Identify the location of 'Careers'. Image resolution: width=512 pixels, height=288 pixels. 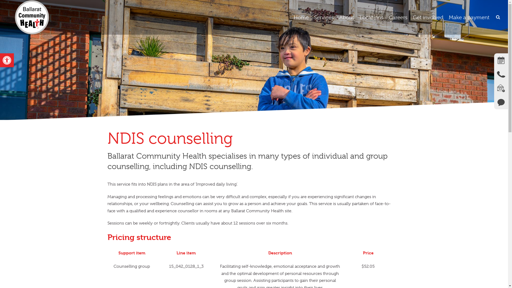
(398, 17).